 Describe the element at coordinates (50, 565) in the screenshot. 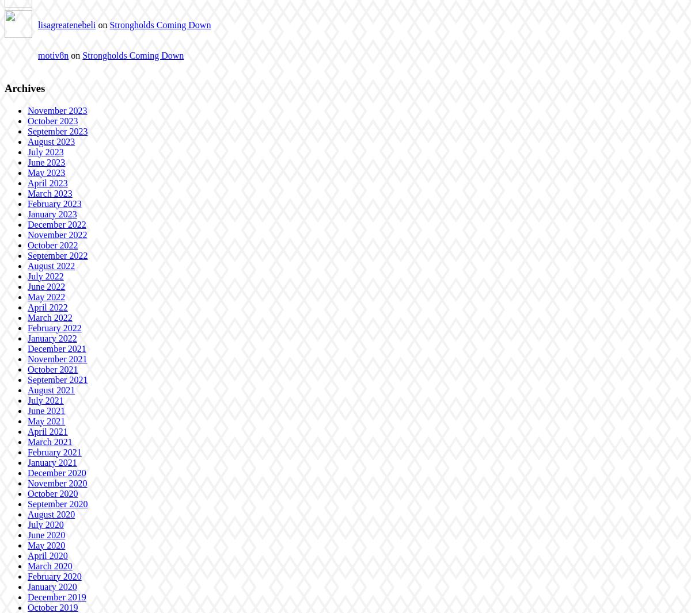

I see `'March 2020'` at that location.